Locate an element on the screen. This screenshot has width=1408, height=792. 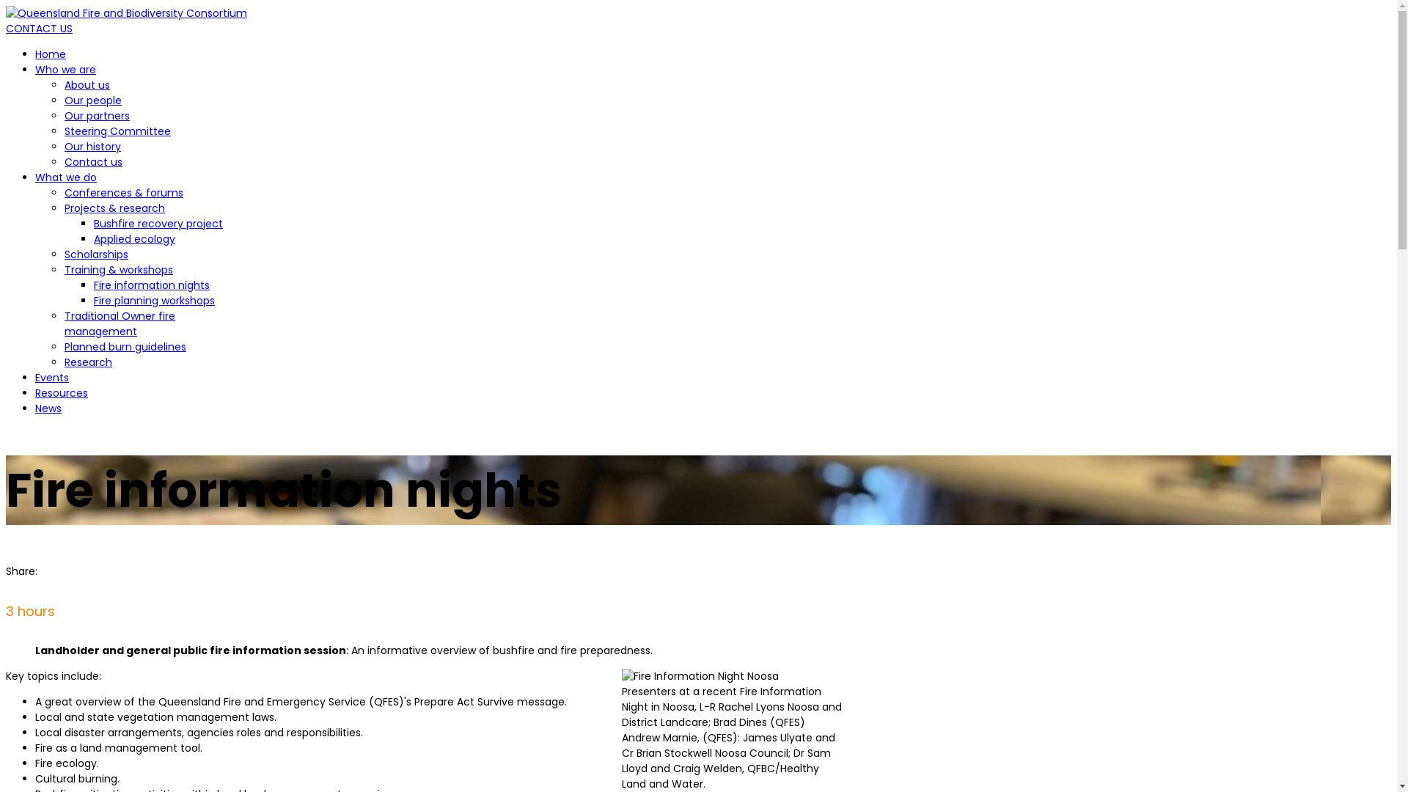
'Applied ecology' is located at coordinates (134, 238).